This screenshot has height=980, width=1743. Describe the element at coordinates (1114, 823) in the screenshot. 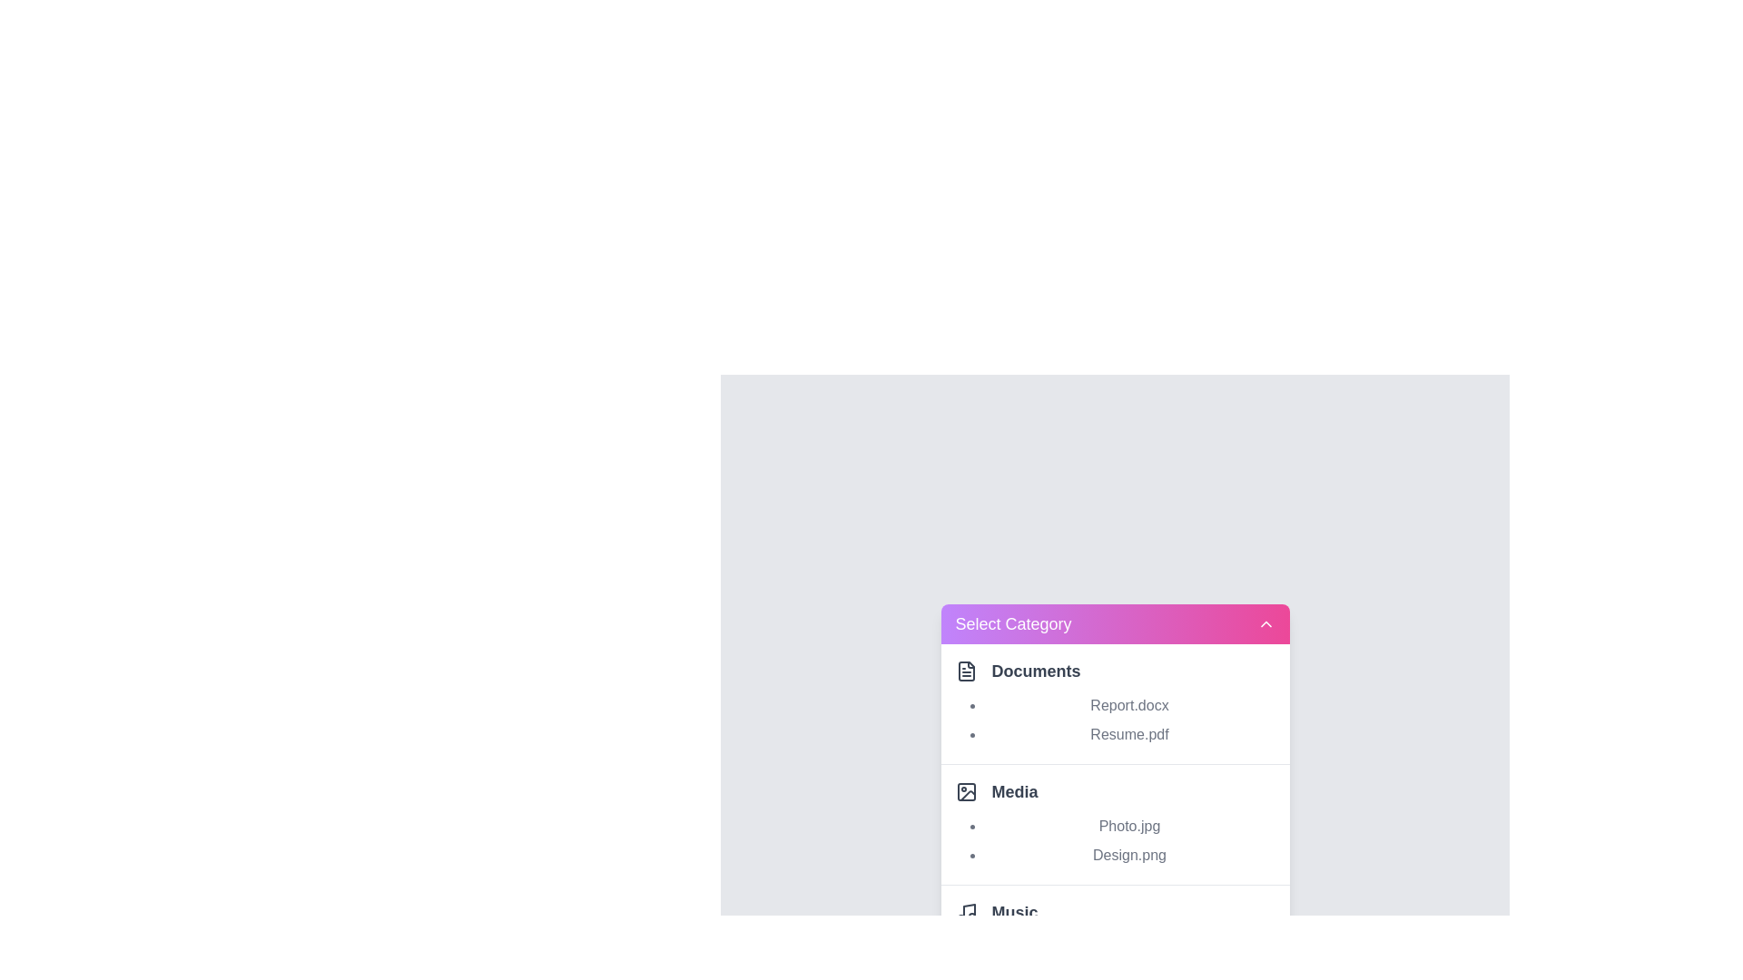

I see `the area` at that location.